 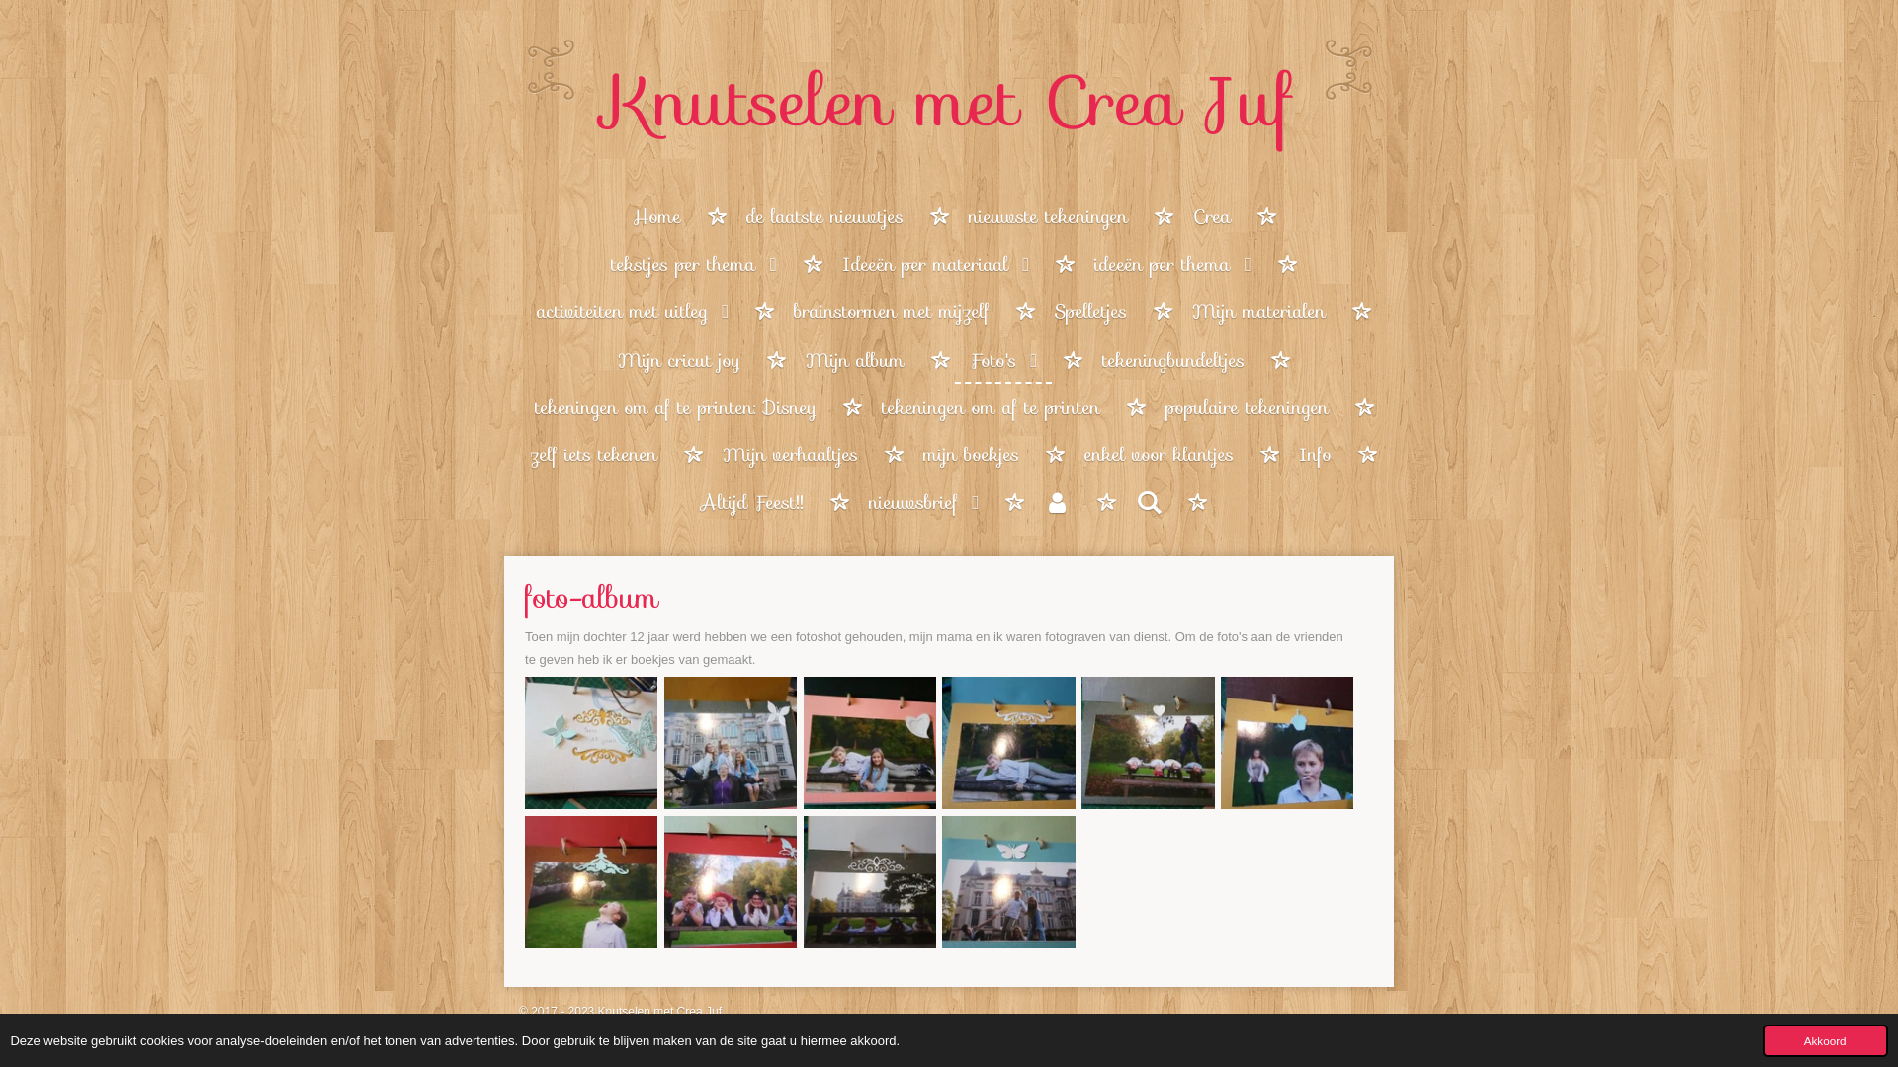 I want to click on 'enkel voor klantjes', so click(x=1159, y=455).